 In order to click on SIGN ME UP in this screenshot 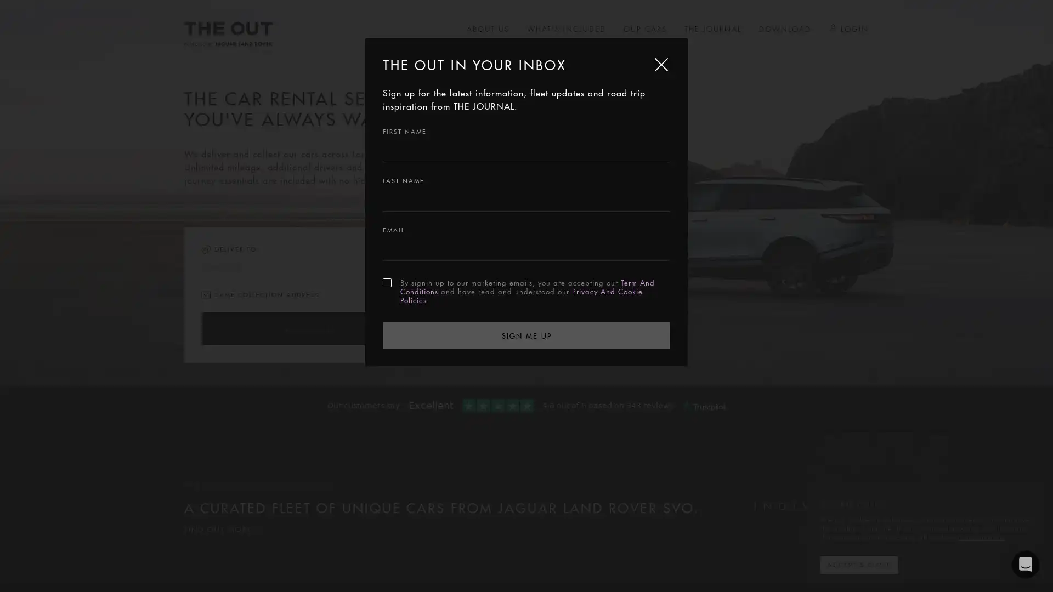, I will do `click(526, 334)`.